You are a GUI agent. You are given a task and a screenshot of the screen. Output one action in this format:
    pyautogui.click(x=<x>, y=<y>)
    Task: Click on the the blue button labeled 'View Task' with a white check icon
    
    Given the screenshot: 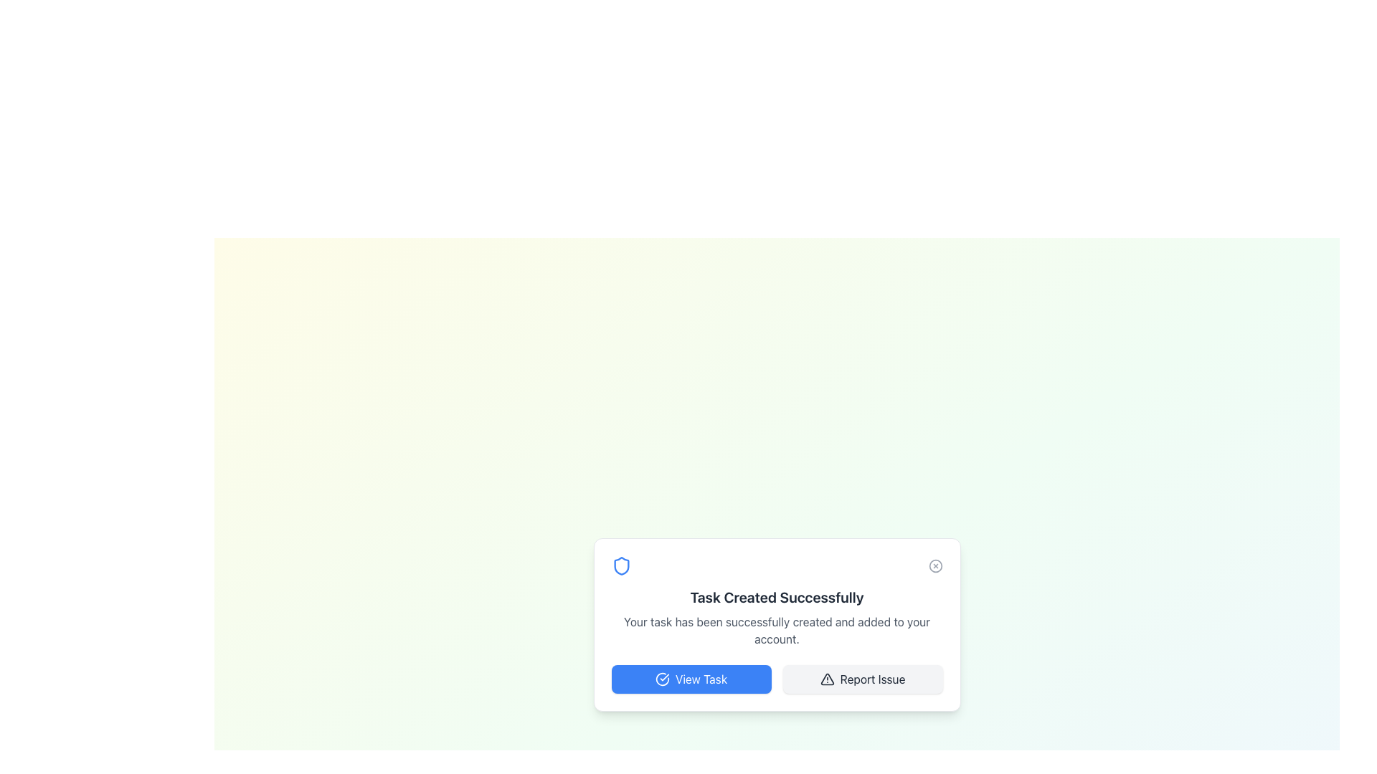 What is the action you would take?
    pyautogui.click(x=691, y=679)
    